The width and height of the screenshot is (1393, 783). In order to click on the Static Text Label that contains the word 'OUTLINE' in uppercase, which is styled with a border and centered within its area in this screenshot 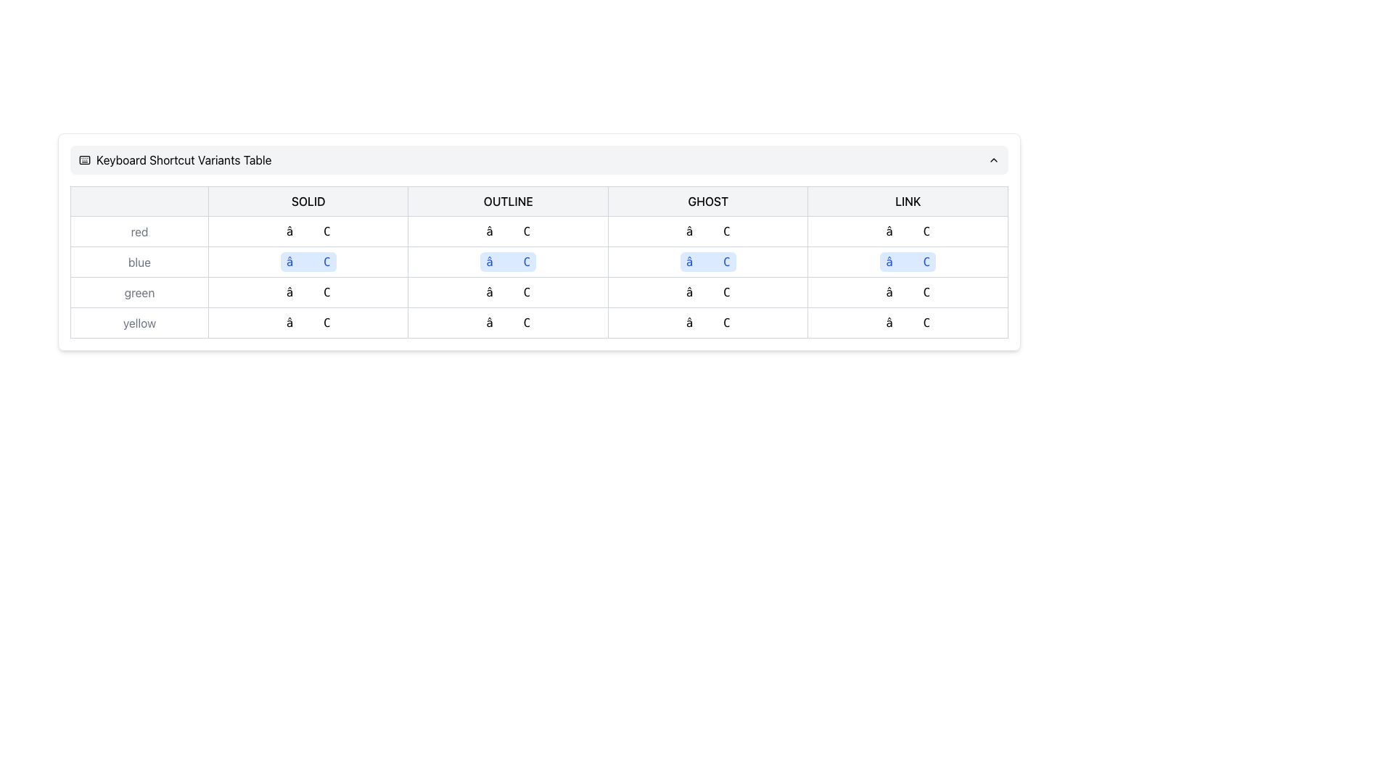, I will do `click(508, 201)`.